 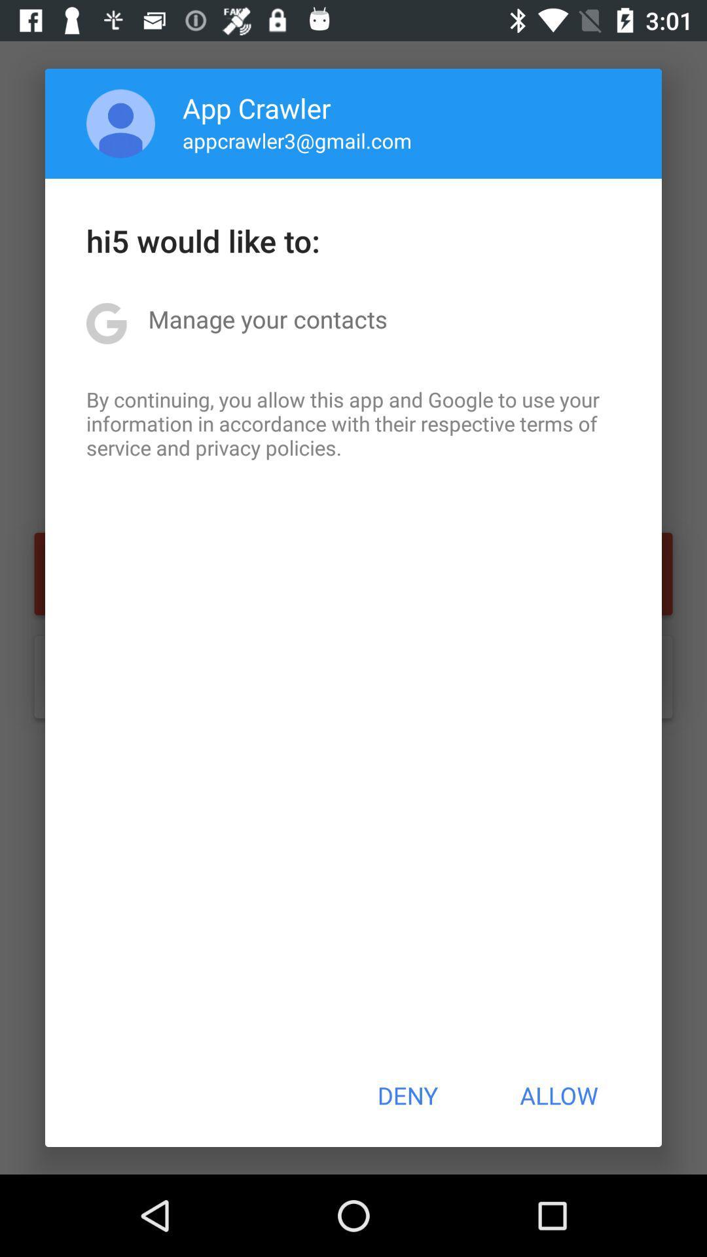 I want to click on the app crawler, so click(x=257, y=107).